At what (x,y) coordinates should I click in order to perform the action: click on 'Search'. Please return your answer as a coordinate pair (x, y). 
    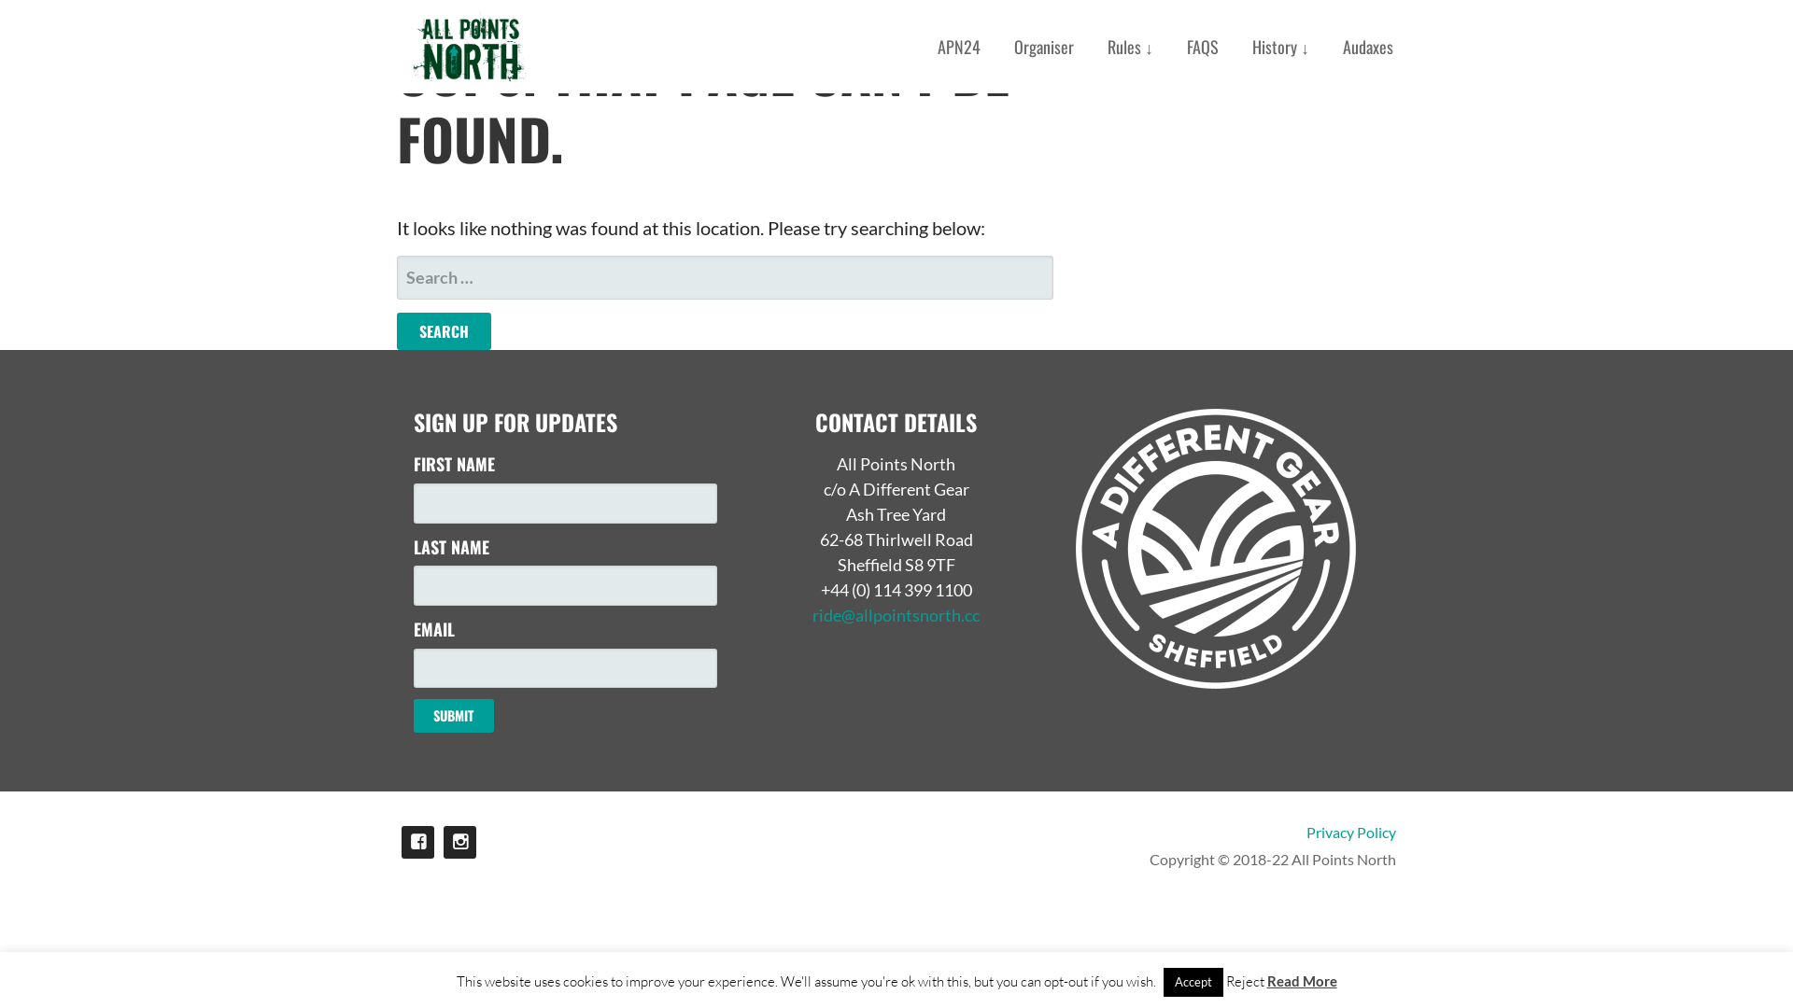
    Looking at the image, I should click on (396, 329).